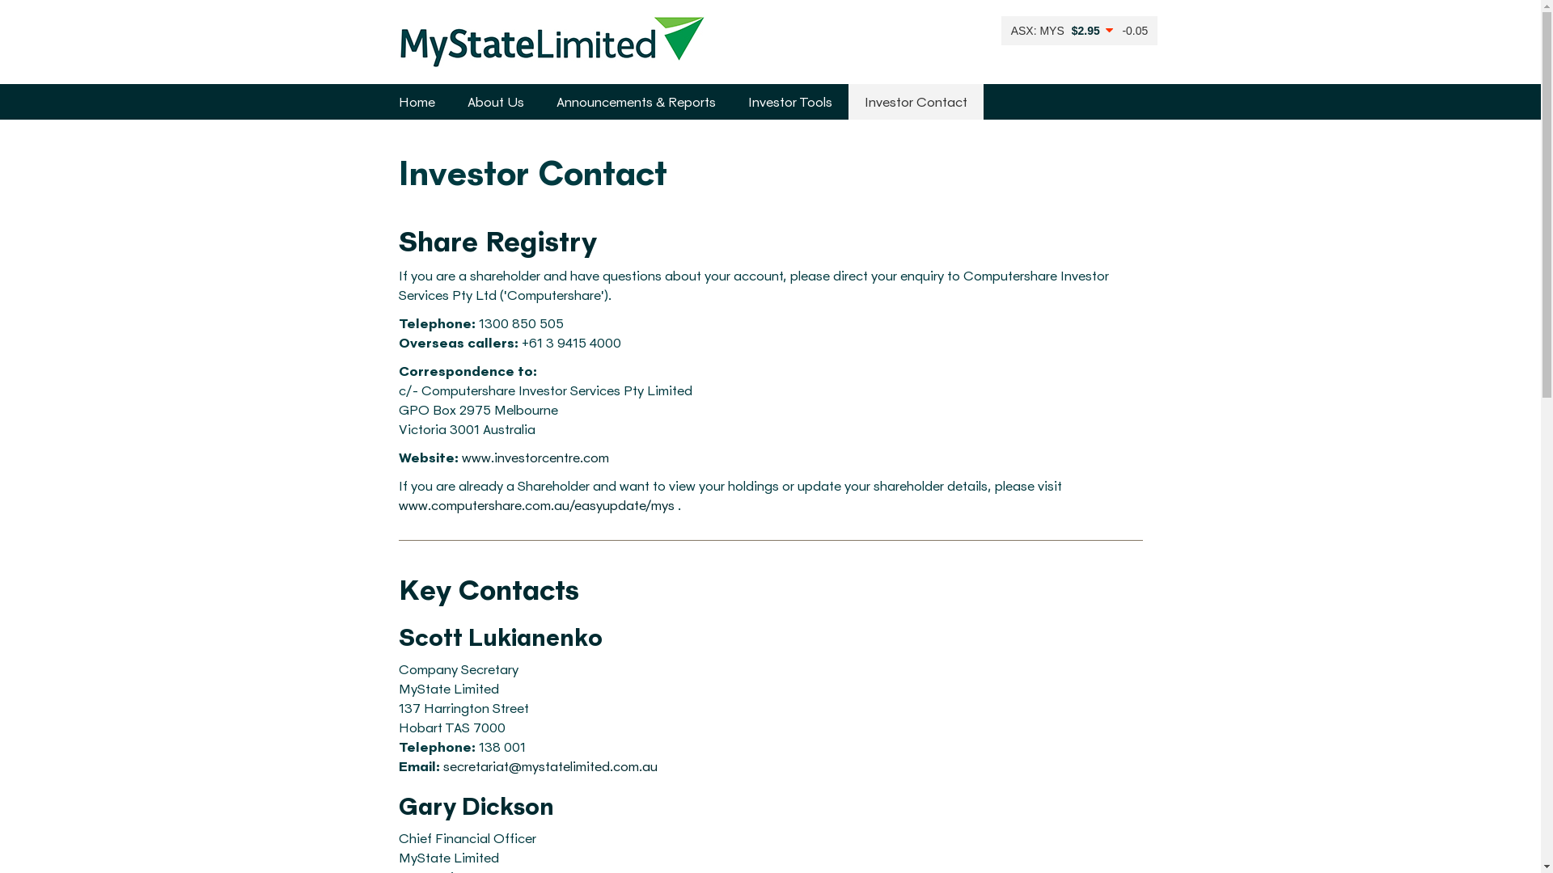 The height and width of the screenshot is (873, 1553). I want to click on 'Investor Tools', so click(789, 102).